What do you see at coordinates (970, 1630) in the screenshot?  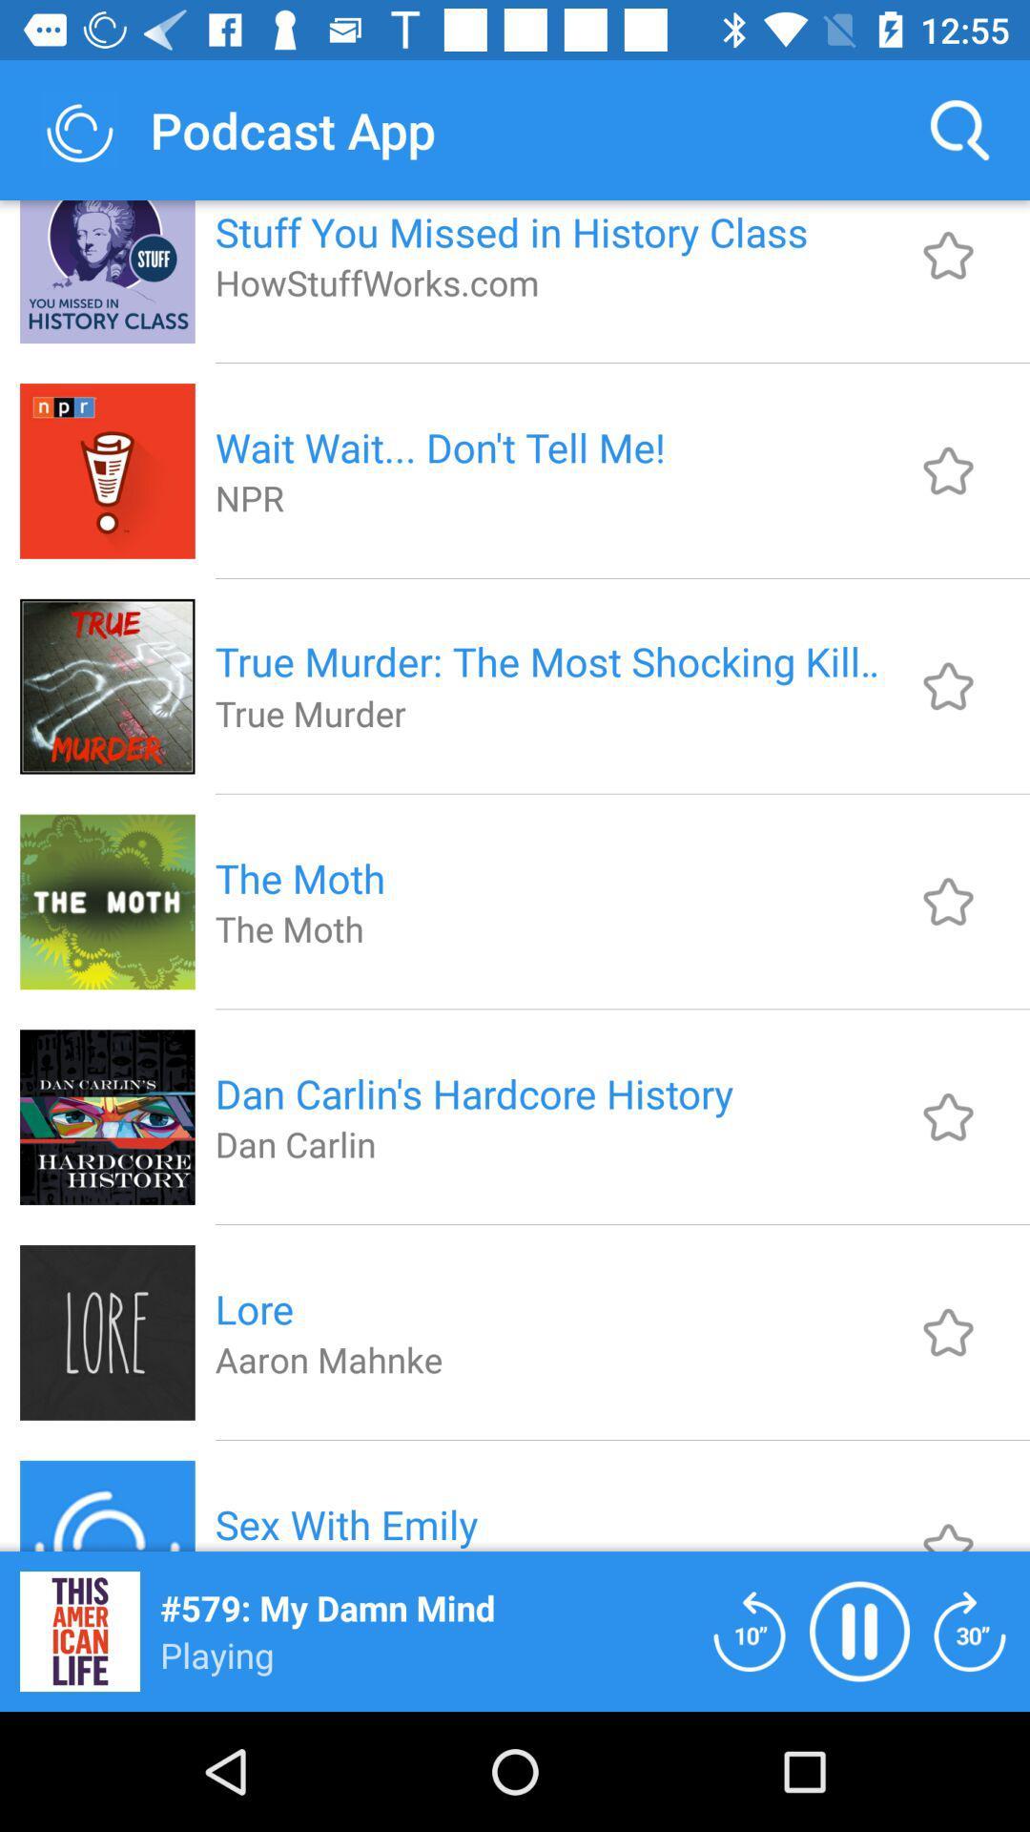 I see `skip 30 seconds ahead the podcast` at bounding box center [970, 1630].